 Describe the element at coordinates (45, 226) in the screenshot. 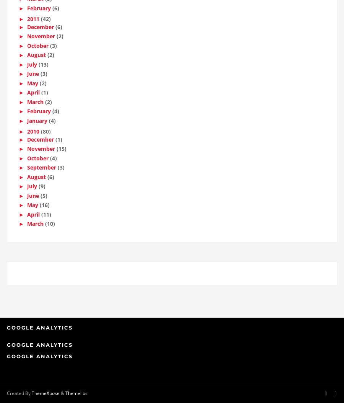

I see `'(10)'` at that location.